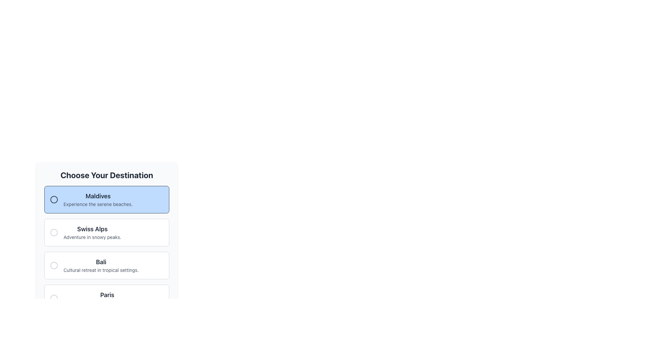 The height and width of the screenshot is (363, 645). I want to click on the second selectable destination option, which is displayed as a TextElement with a white background and rounded borders, located between 'Maldives' and 'Bali', so click(92, 232).